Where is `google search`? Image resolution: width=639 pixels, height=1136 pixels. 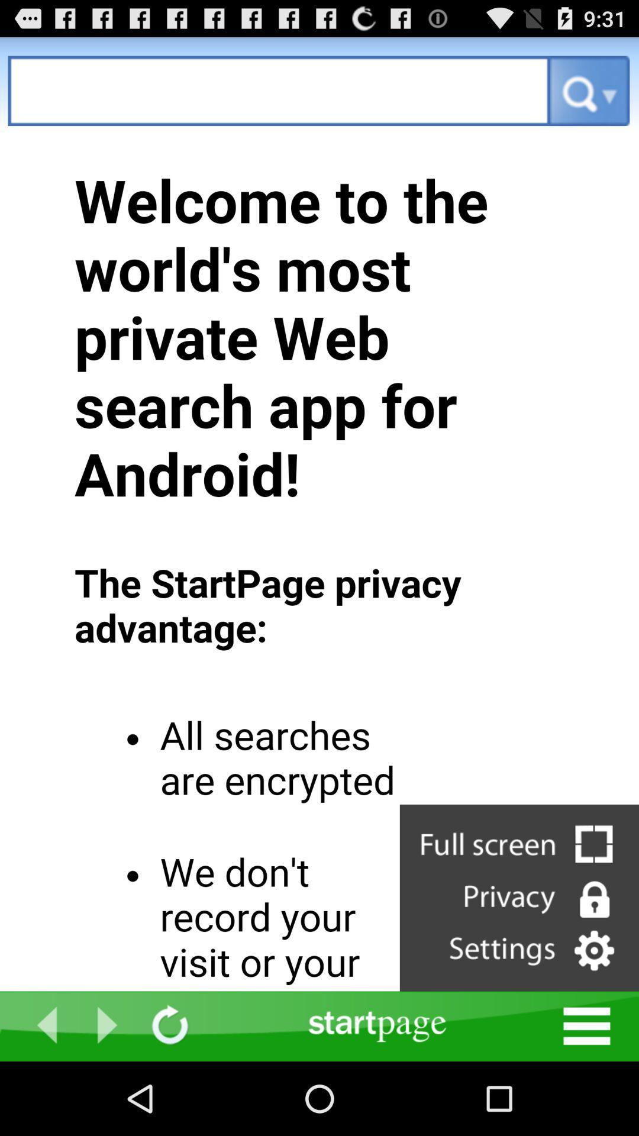 google search is located at coordinates (279, 90).